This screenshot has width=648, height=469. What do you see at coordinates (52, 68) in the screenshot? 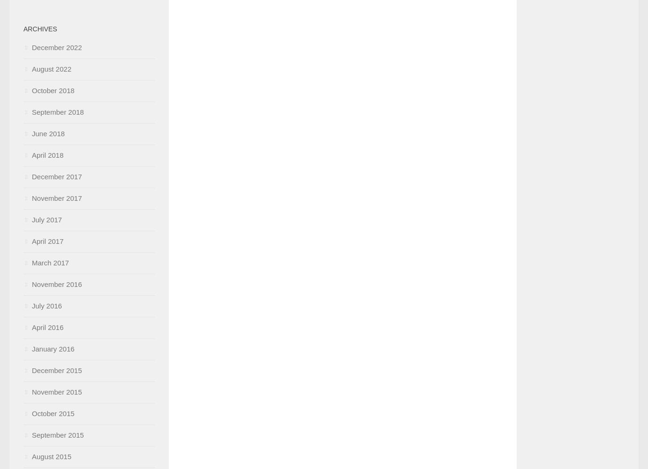
I see `'August 2022'` at bounding box center [52, 68].